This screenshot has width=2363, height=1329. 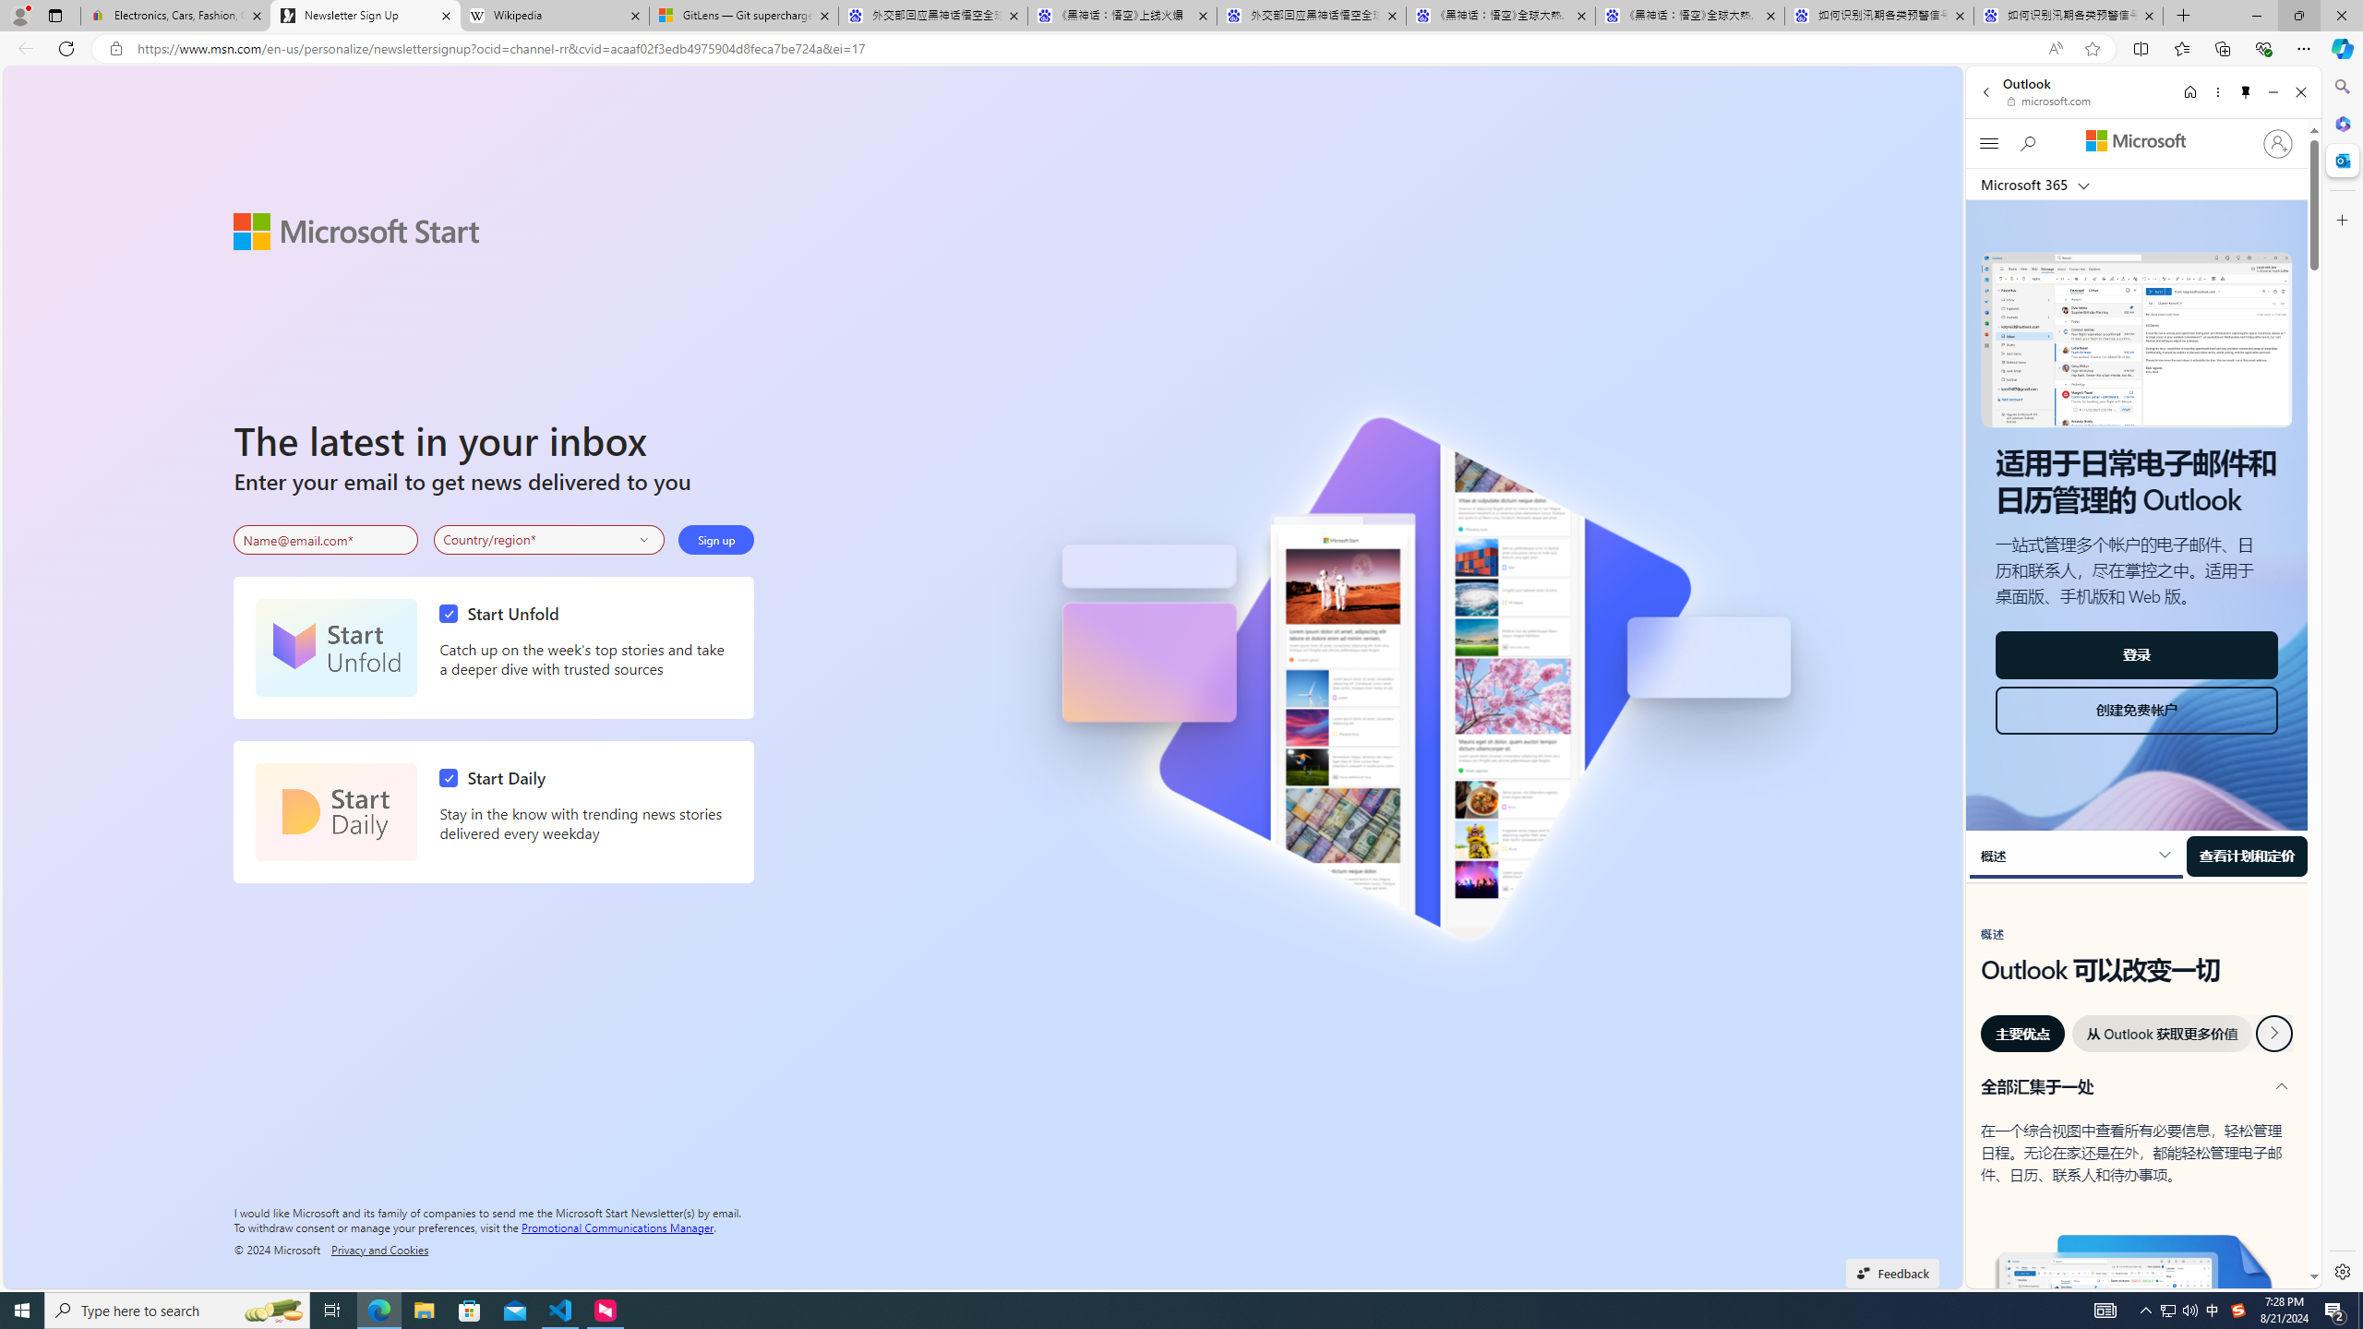 I want to click on 'Sign up', so click(x=715, y=540).